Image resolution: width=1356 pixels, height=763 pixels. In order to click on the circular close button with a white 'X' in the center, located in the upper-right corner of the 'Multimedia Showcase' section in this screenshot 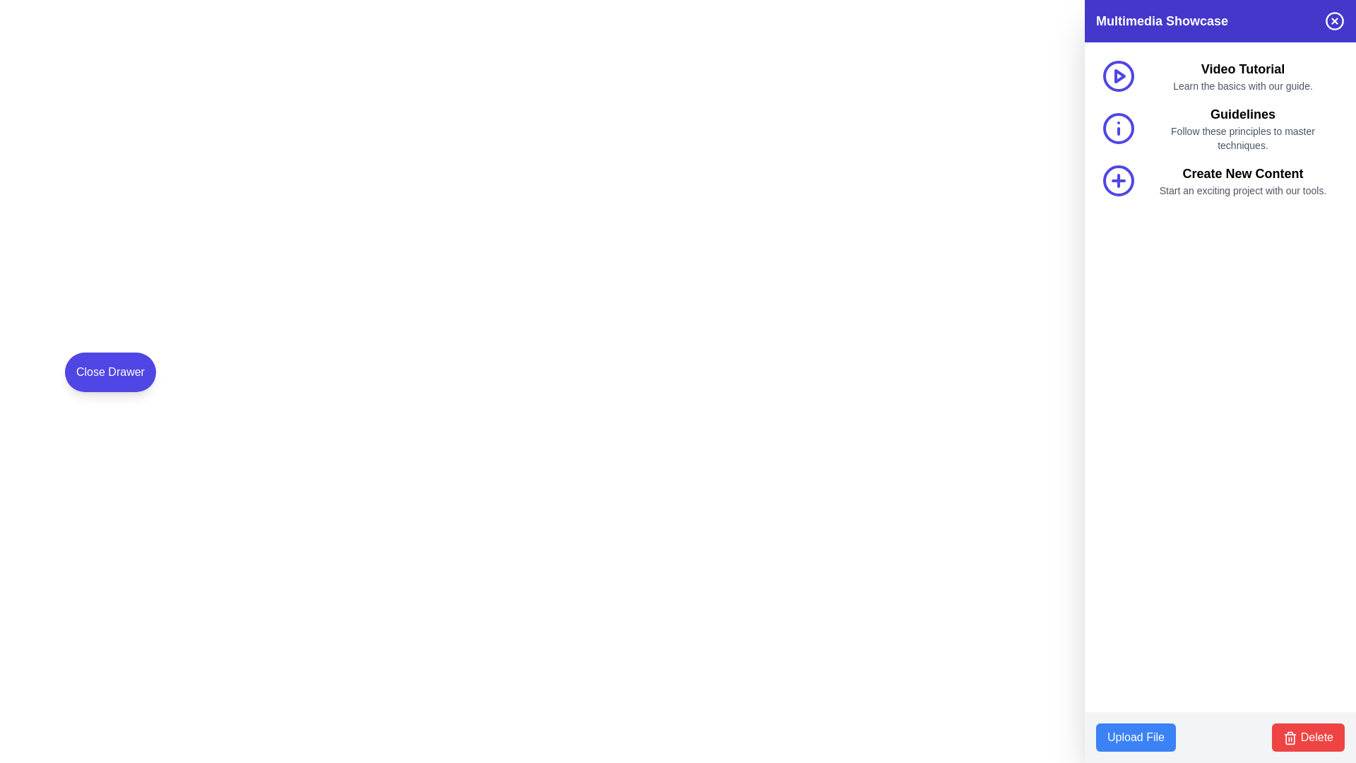, I will do `click(1334, 21)`.